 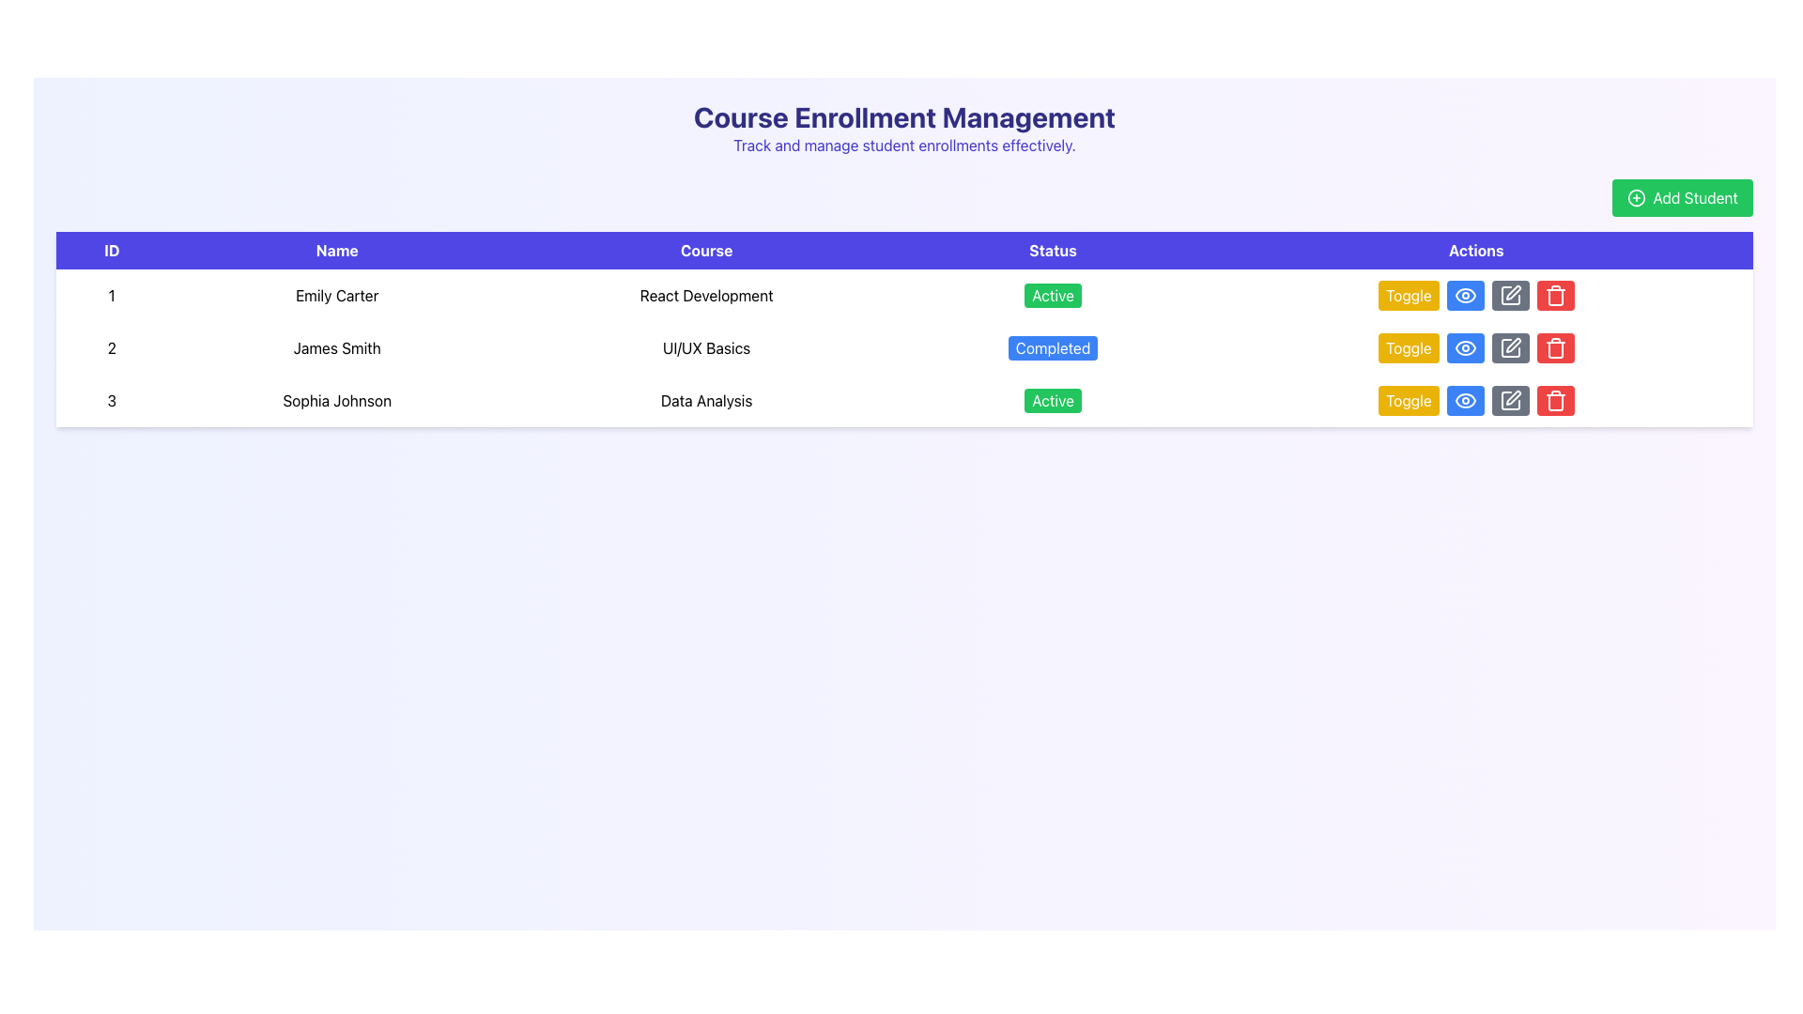 I want to click on the second row in the 'Course Enrollment Management' table, so click(x=904, y=347).